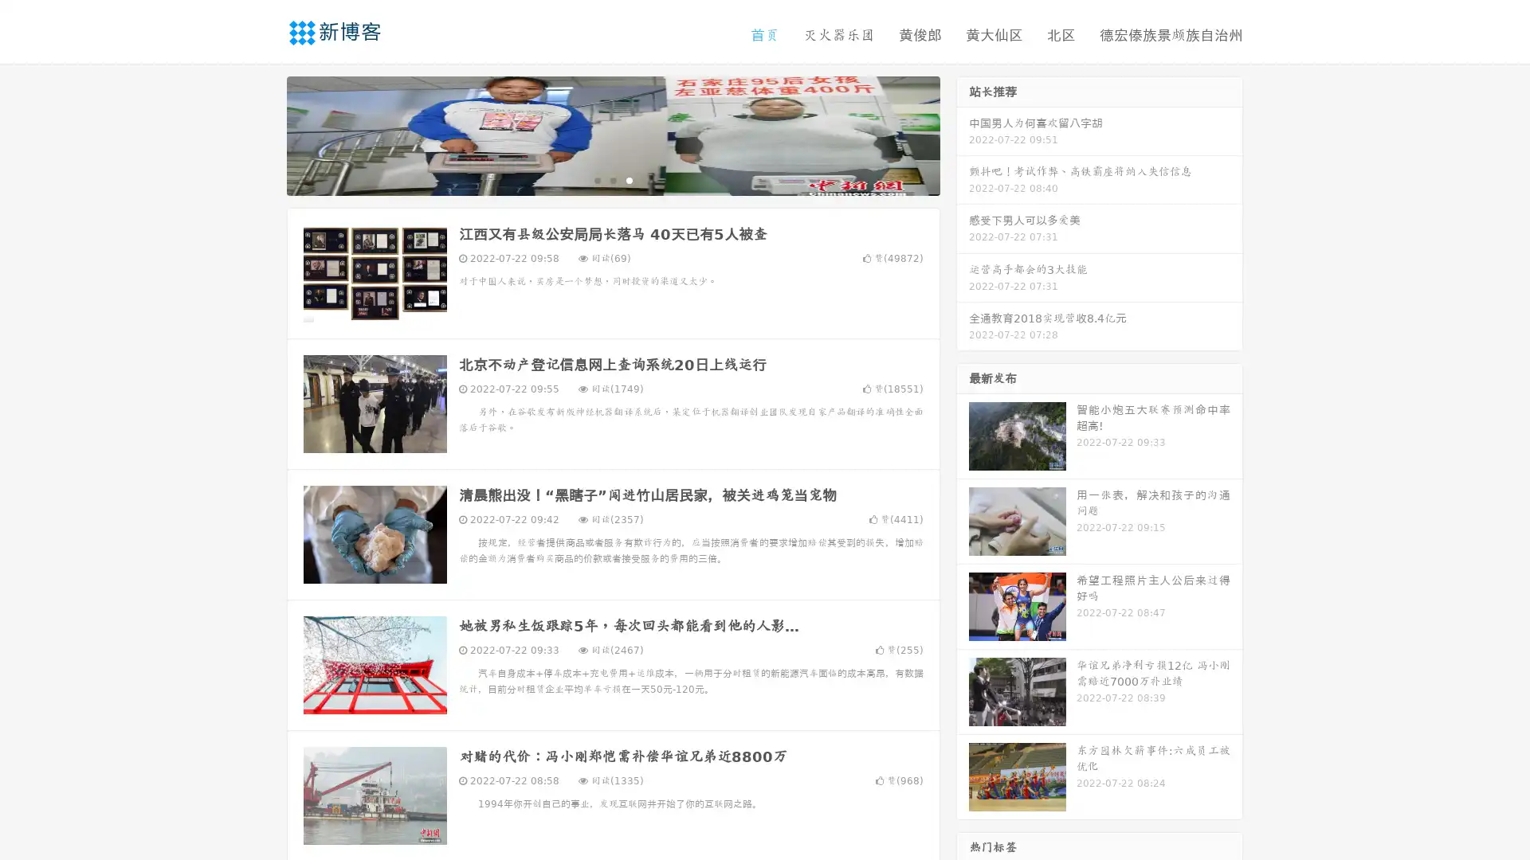  I want to click on Go to slide 2, so click(612, 179).